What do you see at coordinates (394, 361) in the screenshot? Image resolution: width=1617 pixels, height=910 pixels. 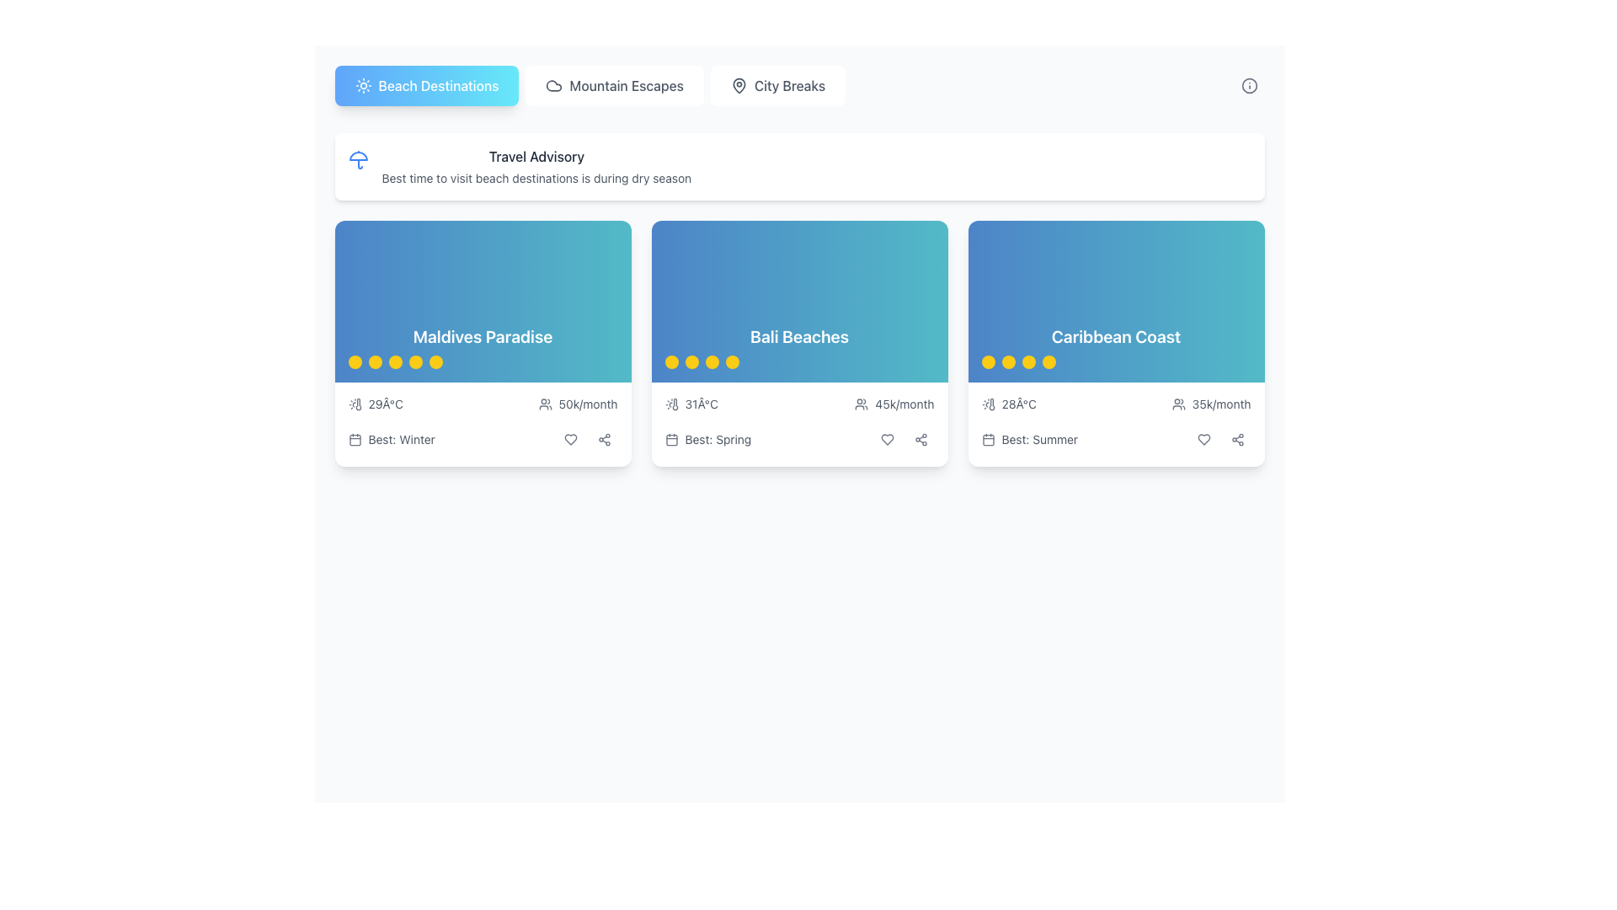 I see `the third dot in the row of five dots within the content card titled 'Maldives Paradise', which serves as a visual indicator for a rating system` at bounding box center [394, 361].